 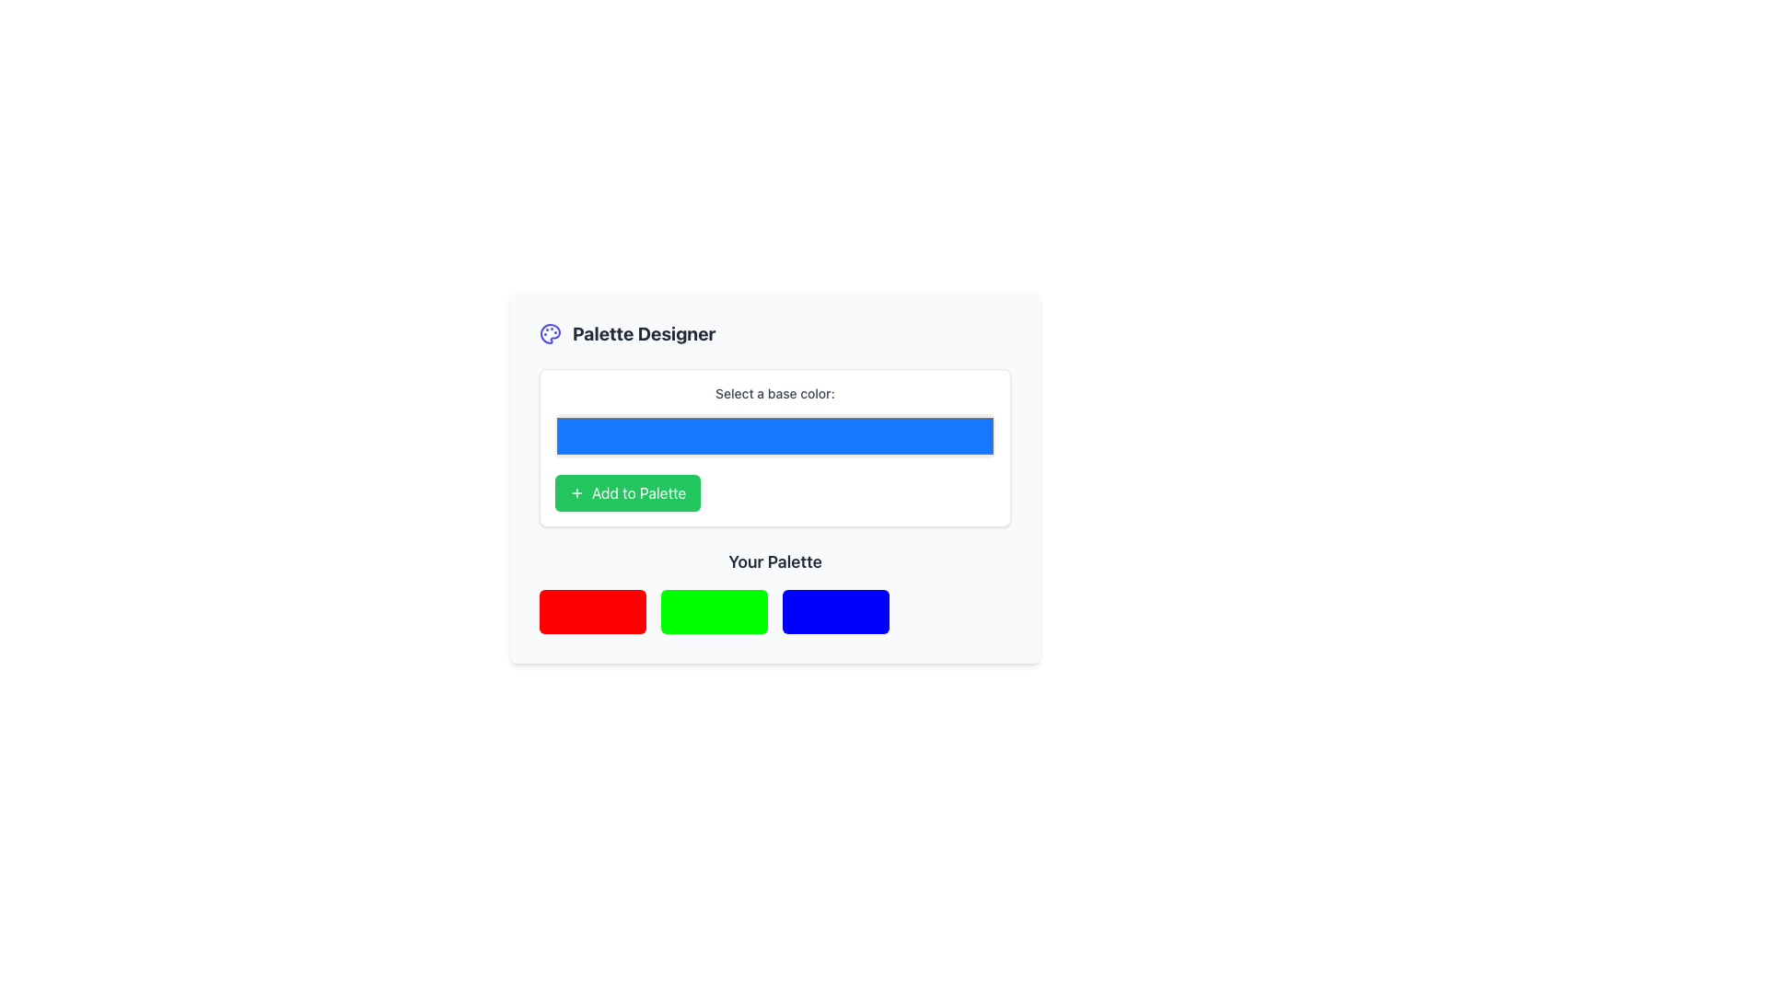 I want to click on the first red color block in the 'Your Palette' section, located below the 'Add to Palette' button, so click(x=592, y=611).